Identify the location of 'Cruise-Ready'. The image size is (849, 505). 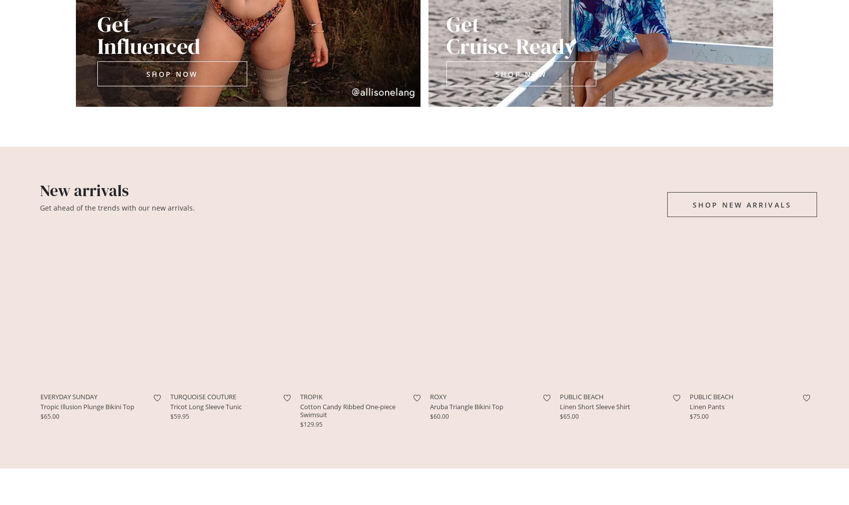
(510, 45).